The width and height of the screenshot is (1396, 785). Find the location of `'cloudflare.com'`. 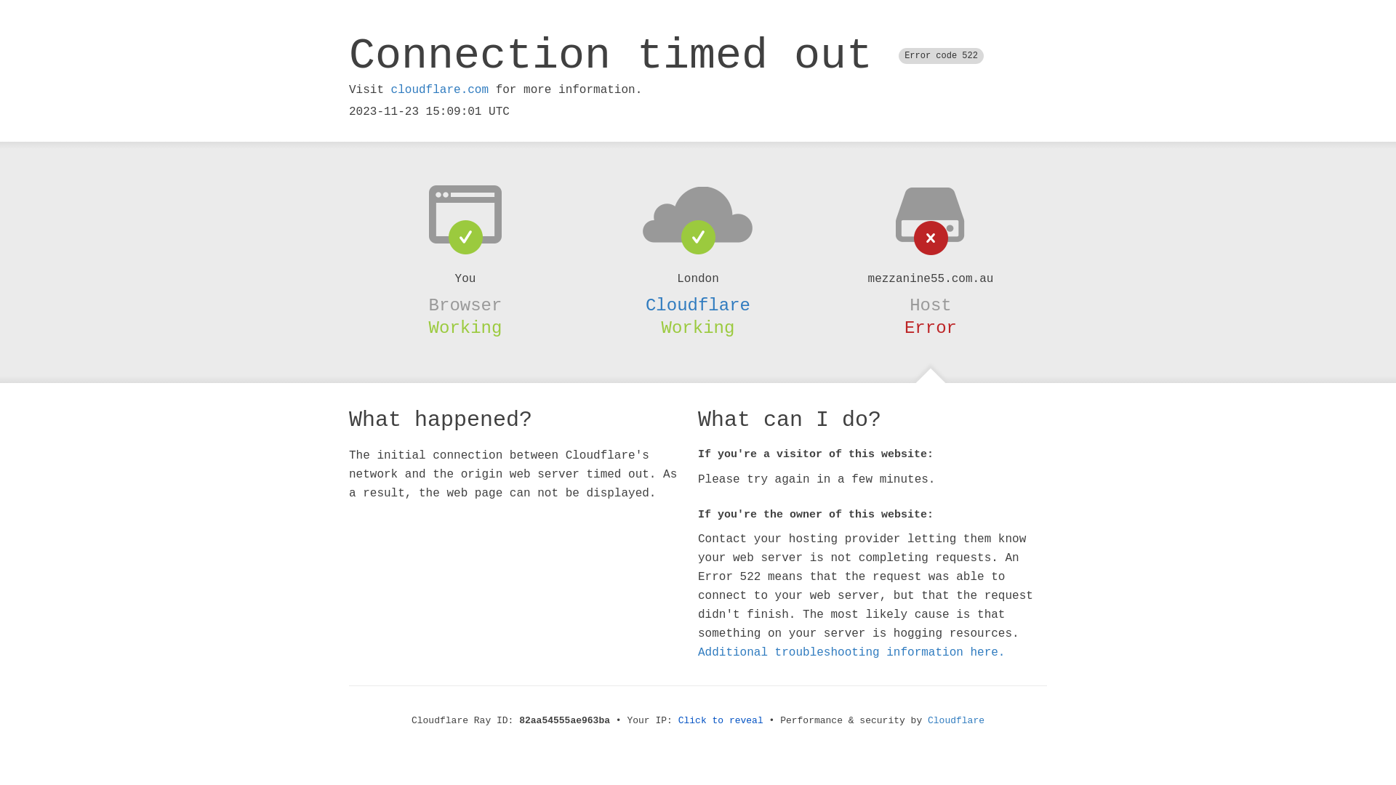

'cloudflare.com' is located at coordinates (438, 89).